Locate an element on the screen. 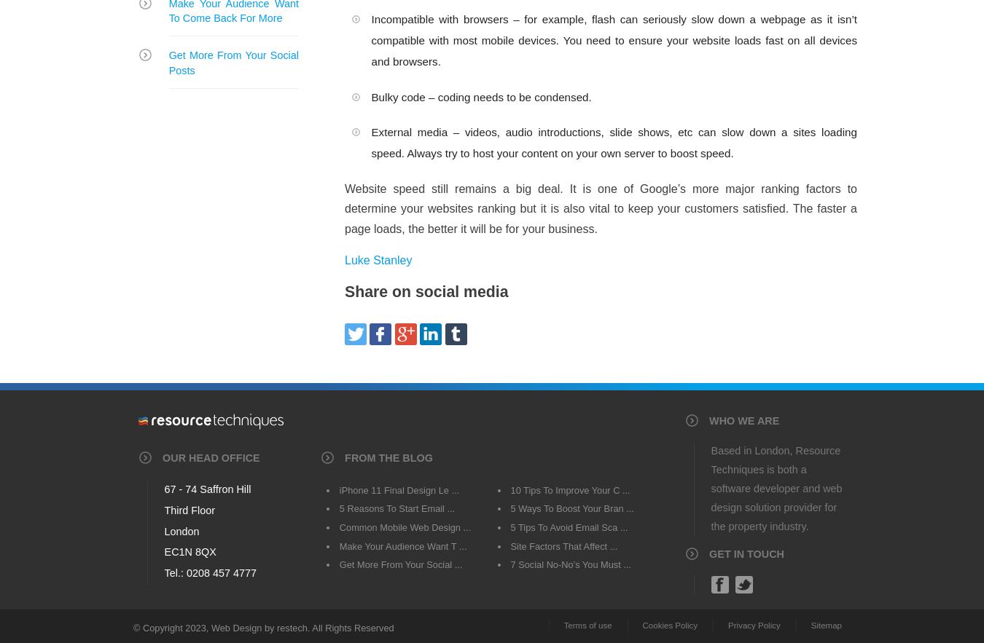 The height and width of the screenshot is (643, 984). 'Third Floor' is located at coordinates (189, 510).